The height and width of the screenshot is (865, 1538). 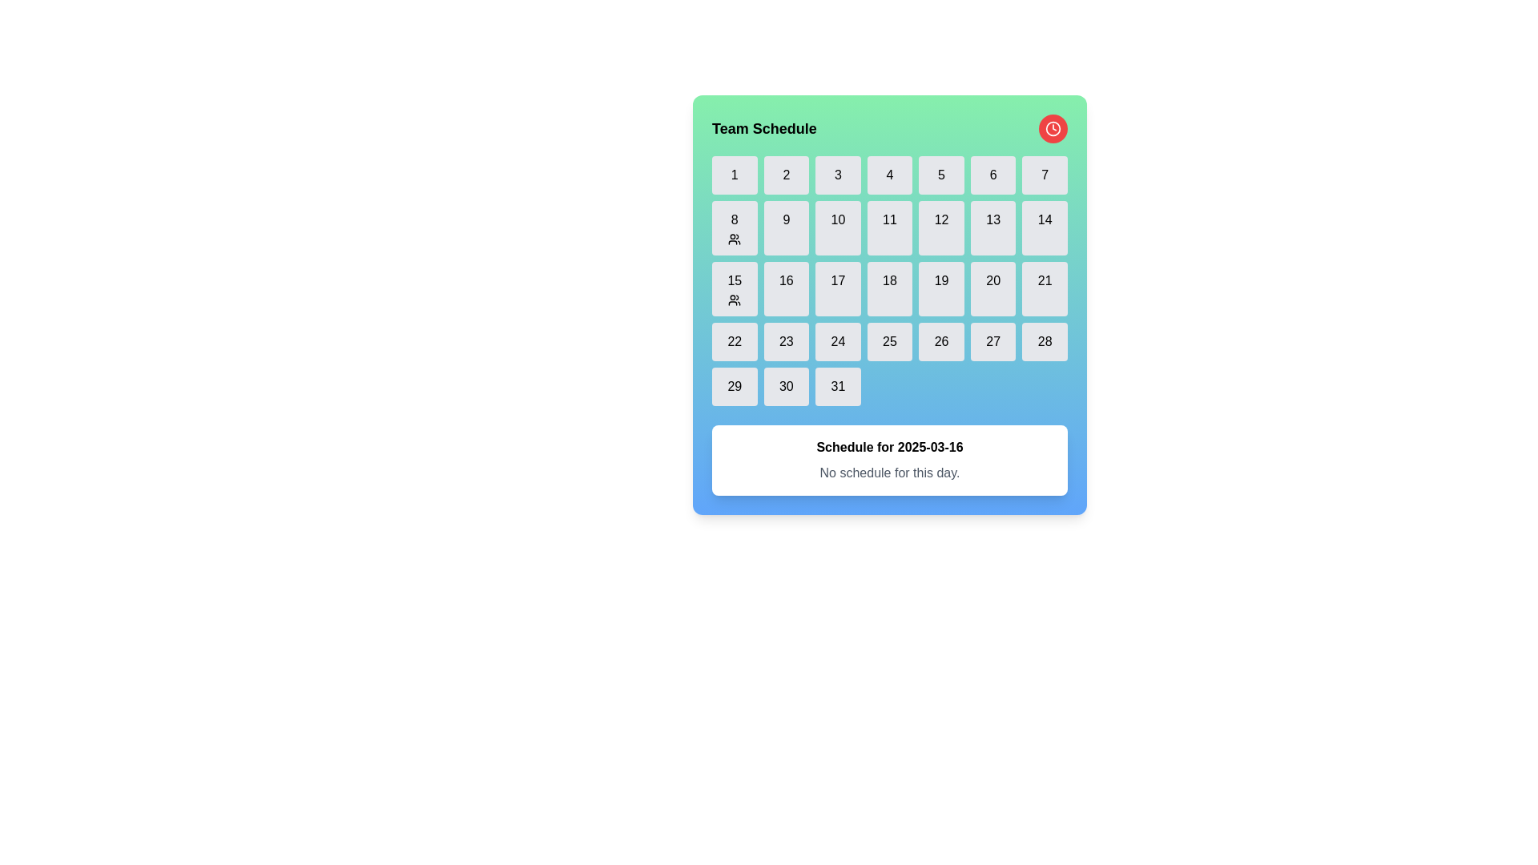 I want to click on the text displaying the number '6' in bold black font located in the second row, sixth column of the calendar grid, so click(x=992, y=175).